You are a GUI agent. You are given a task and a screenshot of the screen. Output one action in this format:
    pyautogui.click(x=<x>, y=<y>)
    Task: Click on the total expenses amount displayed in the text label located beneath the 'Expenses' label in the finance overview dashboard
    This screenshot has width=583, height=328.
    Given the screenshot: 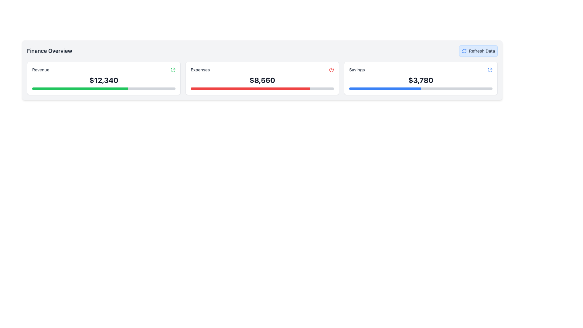 What is the action you would take?
    pyautogui.click(x=262, y=80)
    